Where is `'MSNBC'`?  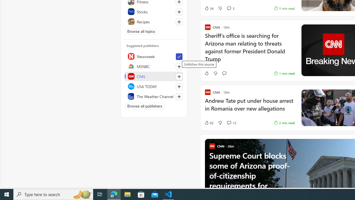 'MSNBC' is located at coordinates (154, 66).